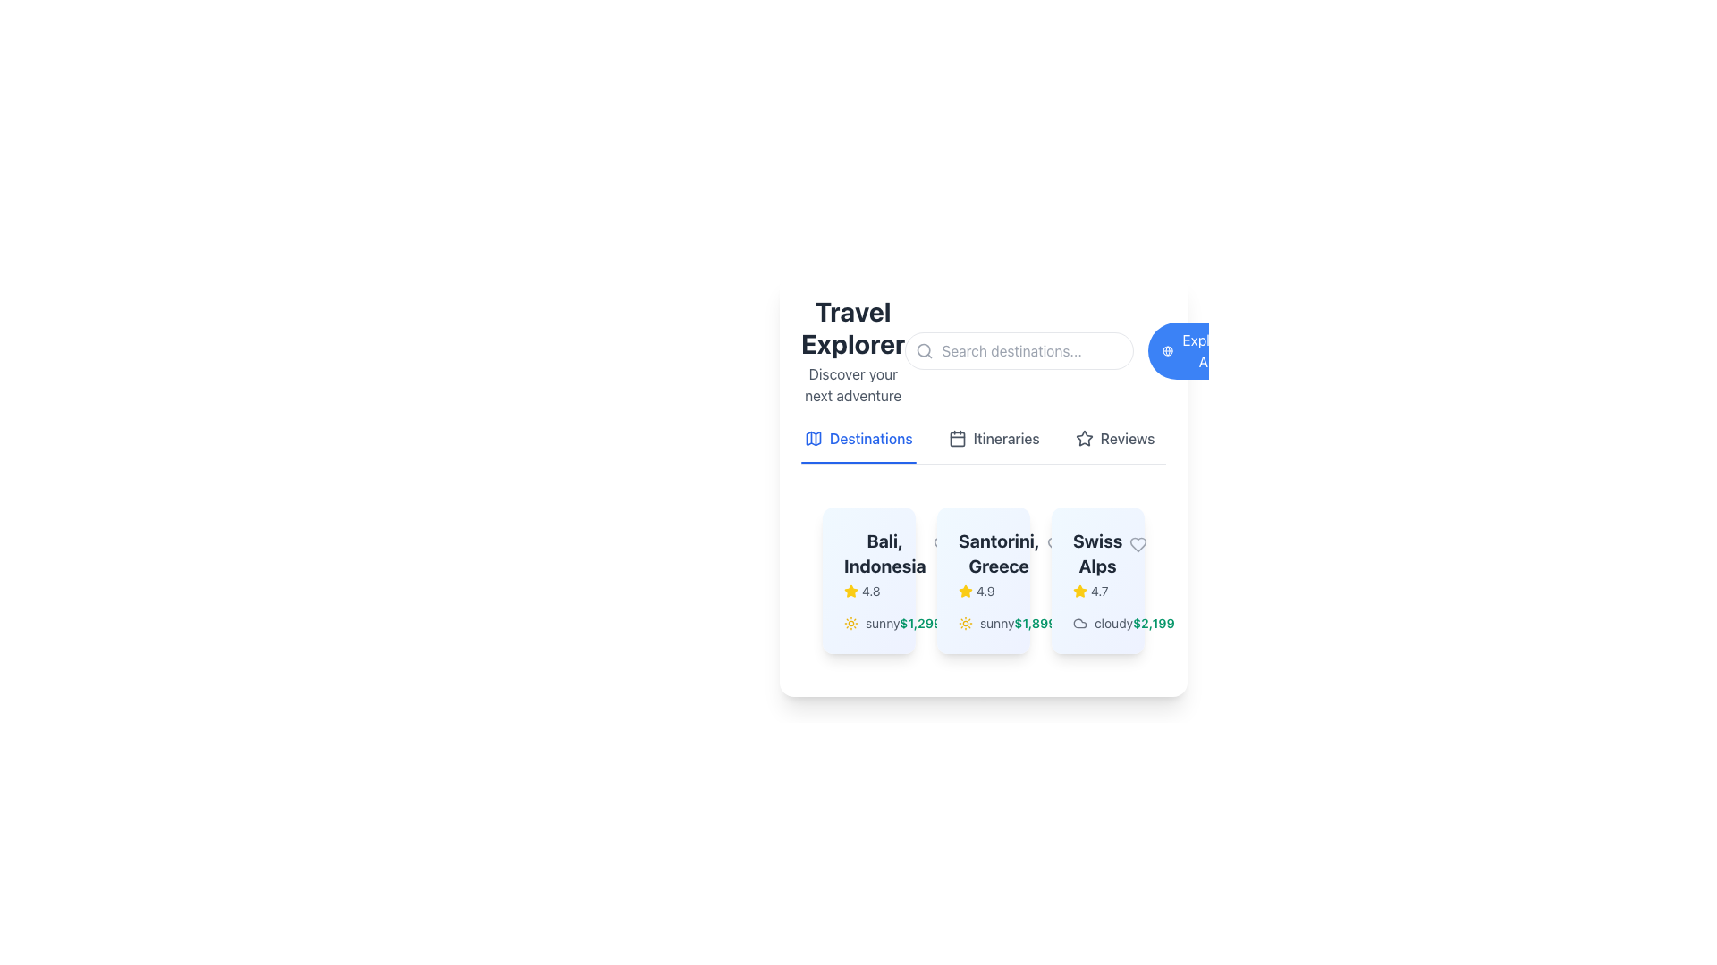  What do you see at coordinates (956, 439) in the screenshot?
I see `the empty frame graphic element located at the center of the calendar icon, which is part of the toolbar or navigation menu near the top of the interface` at bounding box center [956, 439].